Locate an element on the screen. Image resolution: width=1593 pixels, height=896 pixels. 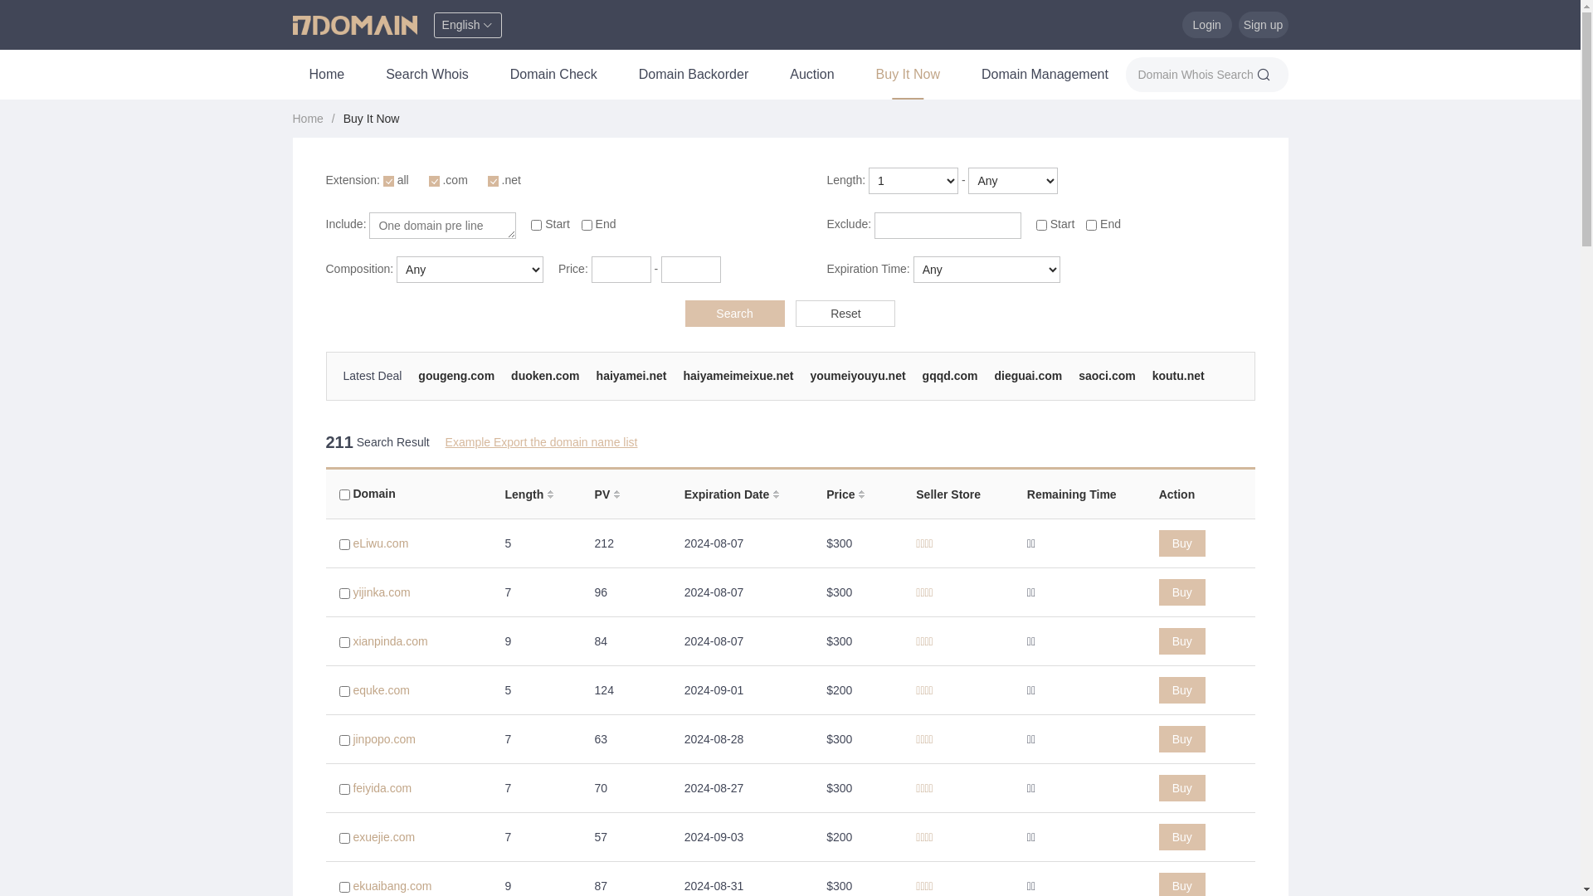
'Domain Management' is located at coordinates (1044, 73).